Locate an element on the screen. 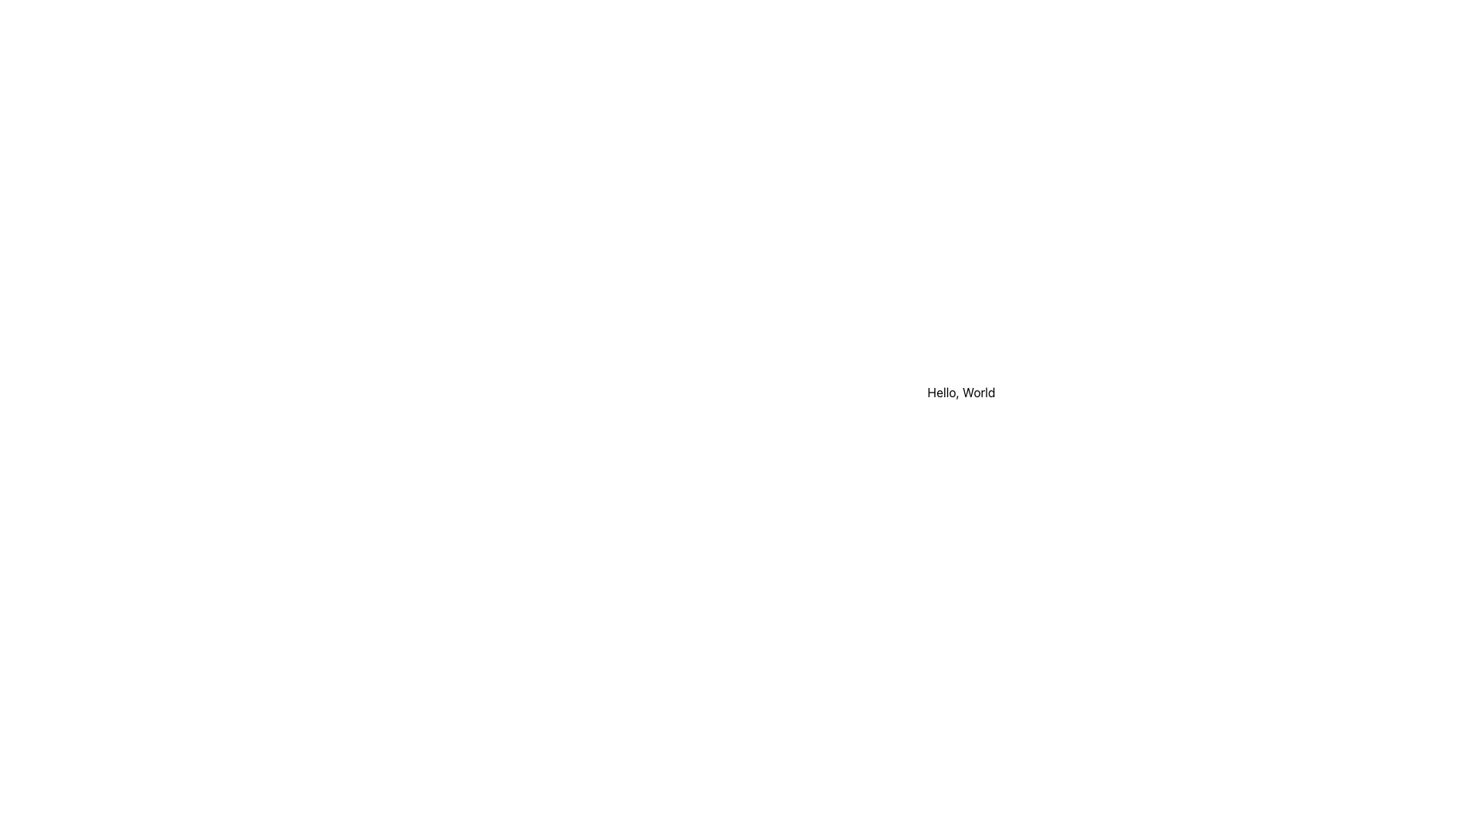 The width and height of the screenshot is (1481, 833). the light gray SVG Circle Element with a radius of 10 units located in the lower-left region of the interface is located at coordinates (636, 493).